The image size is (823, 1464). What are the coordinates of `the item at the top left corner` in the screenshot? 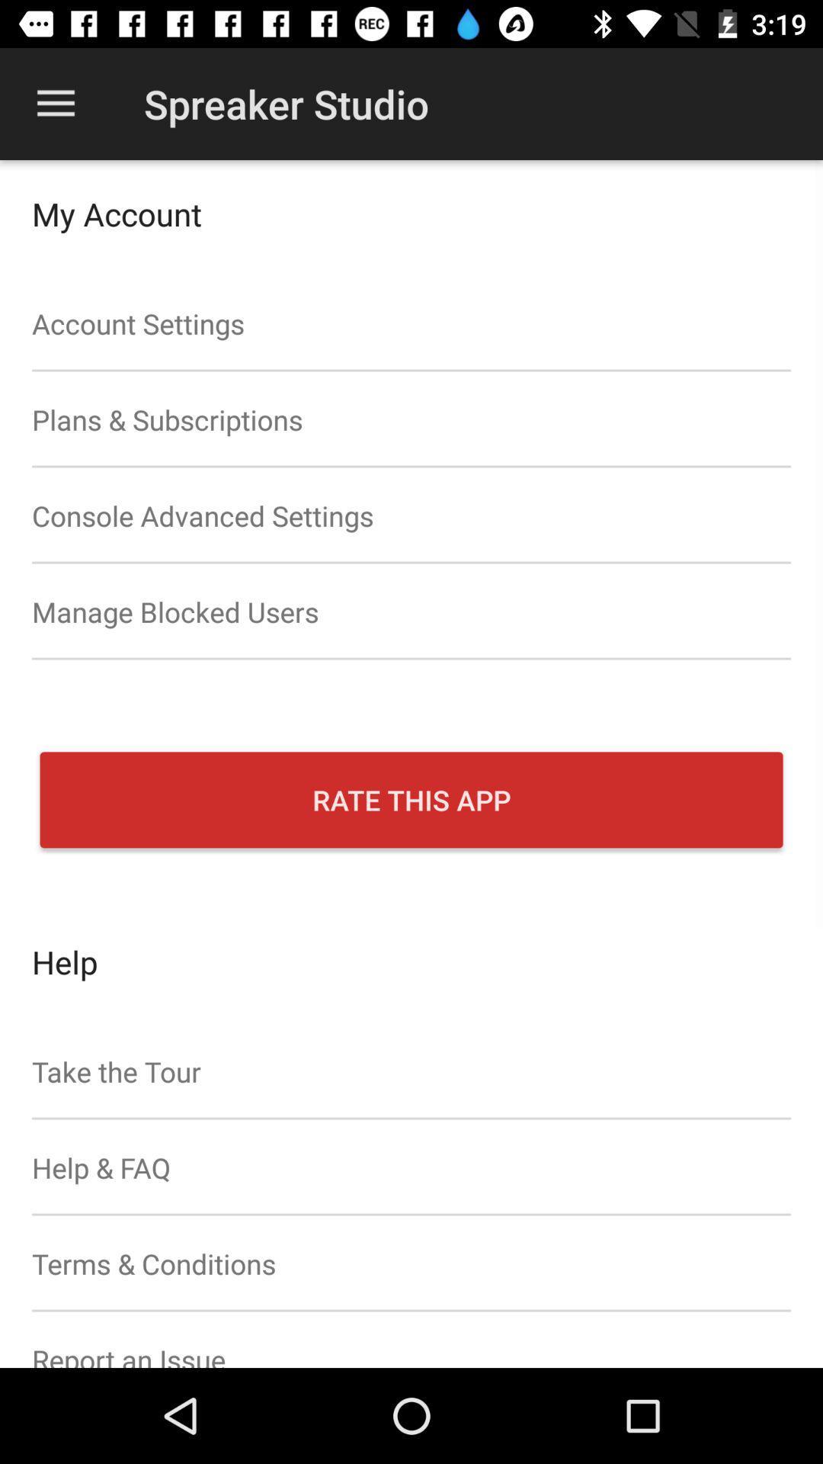 It's located at (55, 103).